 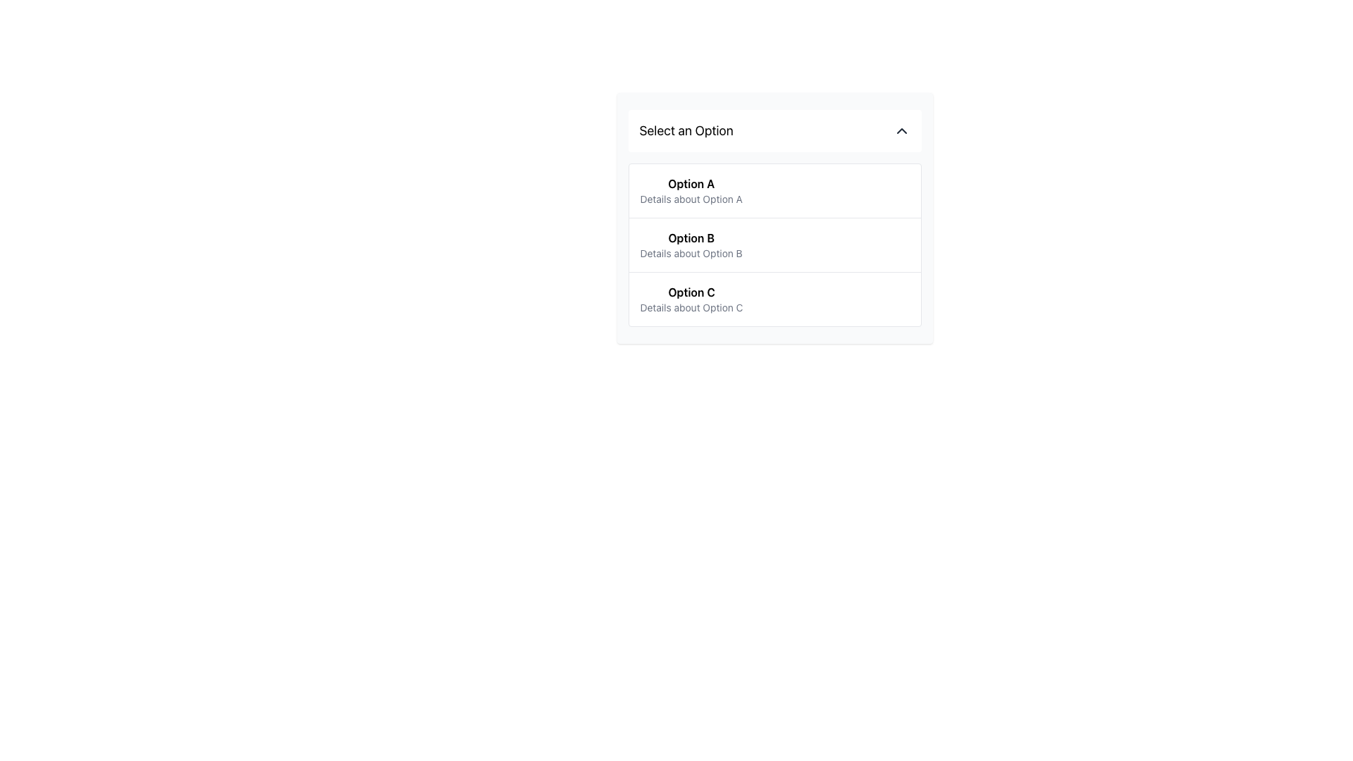 What do you see at coordinates (691, 252) in the screenshot?
I see `the static text label providing information for 'Option B' in the dropdown menu` at bounding box center [691, 252].